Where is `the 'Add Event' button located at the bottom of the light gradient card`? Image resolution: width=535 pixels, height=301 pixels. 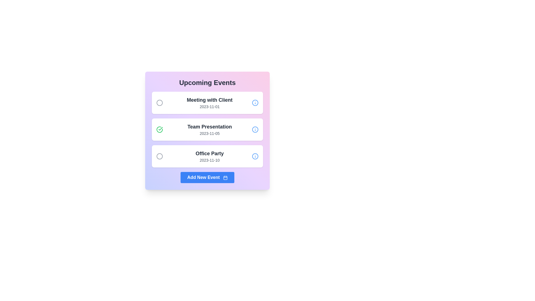
the 'Add Event' button located at the bottom of the light gradient card is located at coordinates (207, 177).